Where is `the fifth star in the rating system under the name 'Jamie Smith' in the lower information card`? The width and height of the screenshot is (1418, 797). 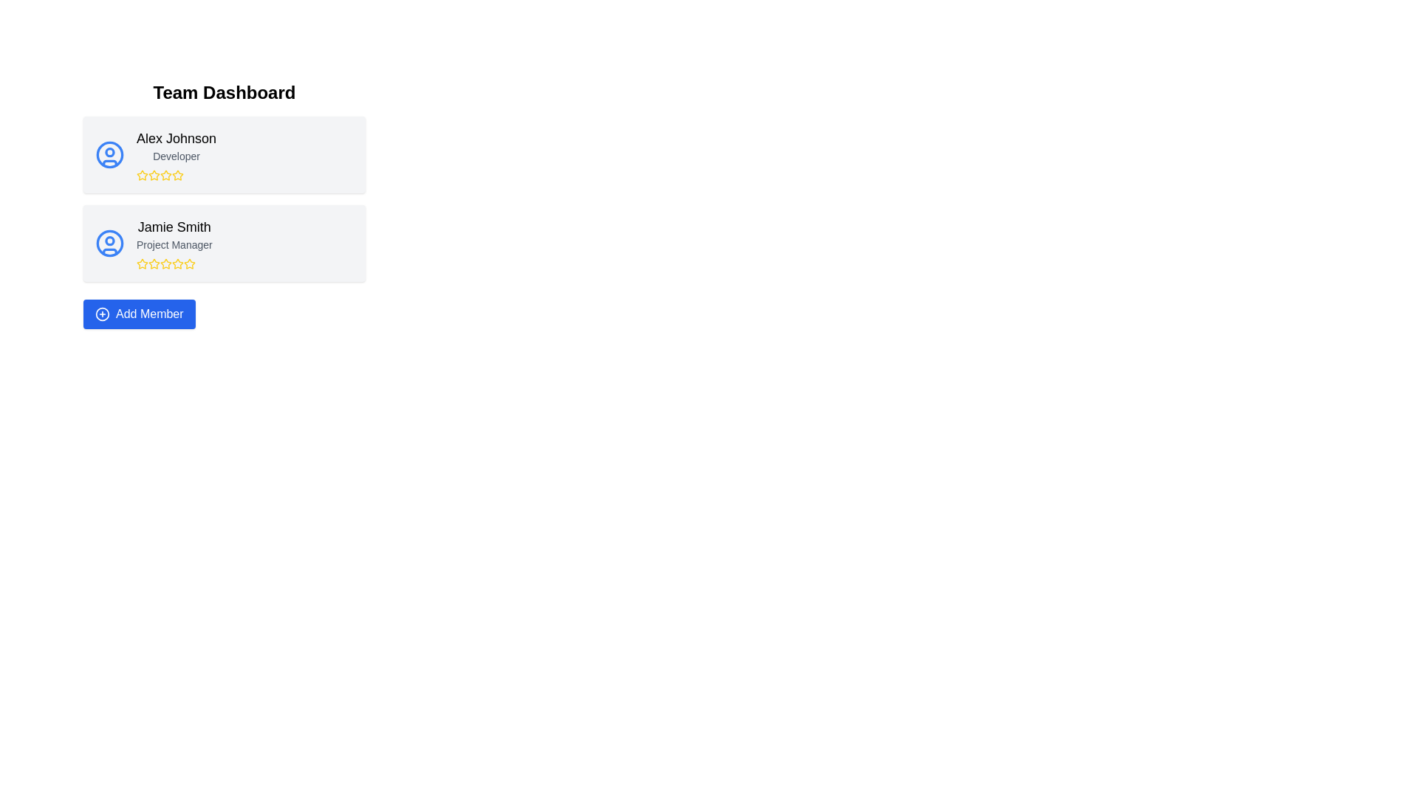 the fifth star in the rating system under the name 'Jamie Smith' in the lower information card is located at coordinates (189, 263).